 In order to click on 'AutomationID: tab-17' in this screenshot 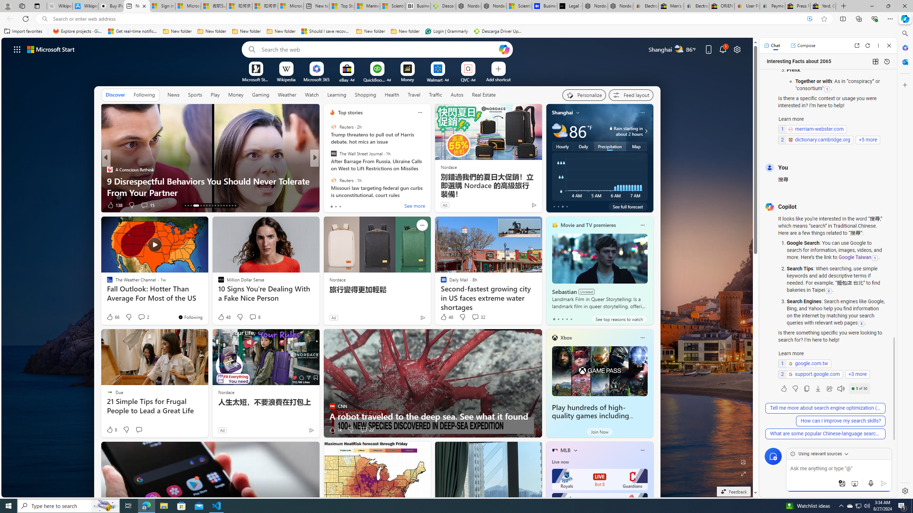, I will do `click(199, 206)`.